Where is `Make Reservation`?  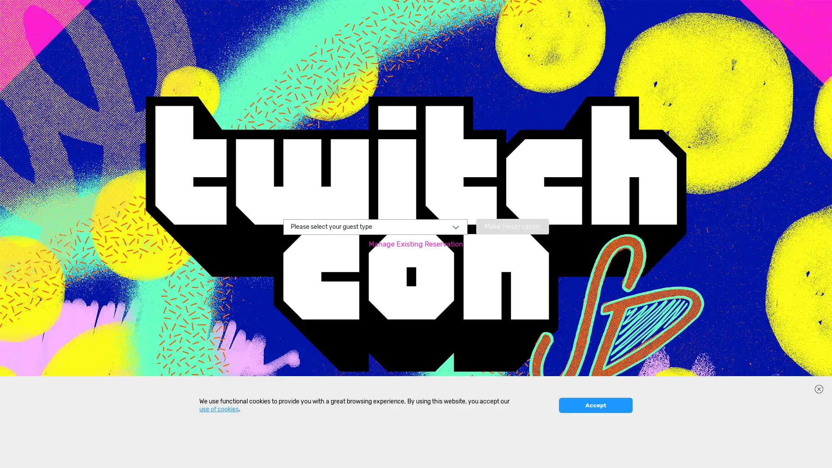
Make Reservation is located at coordinates (512, 225).